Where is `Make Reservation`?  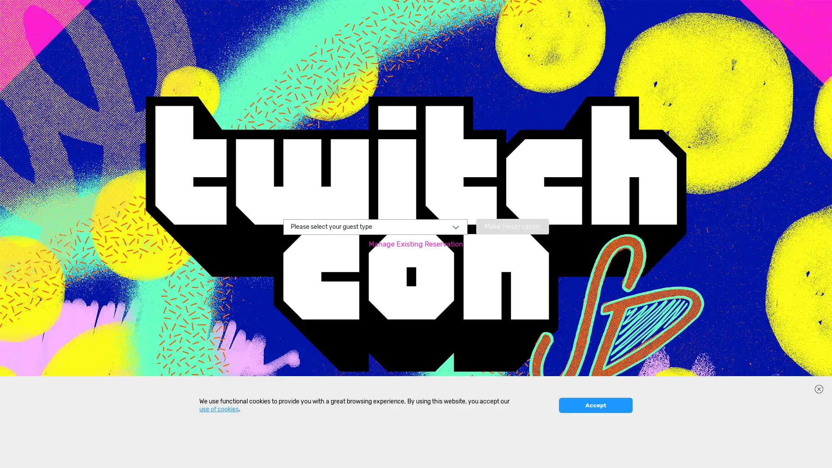
Make Reservation is located at coordinates (512, 225).